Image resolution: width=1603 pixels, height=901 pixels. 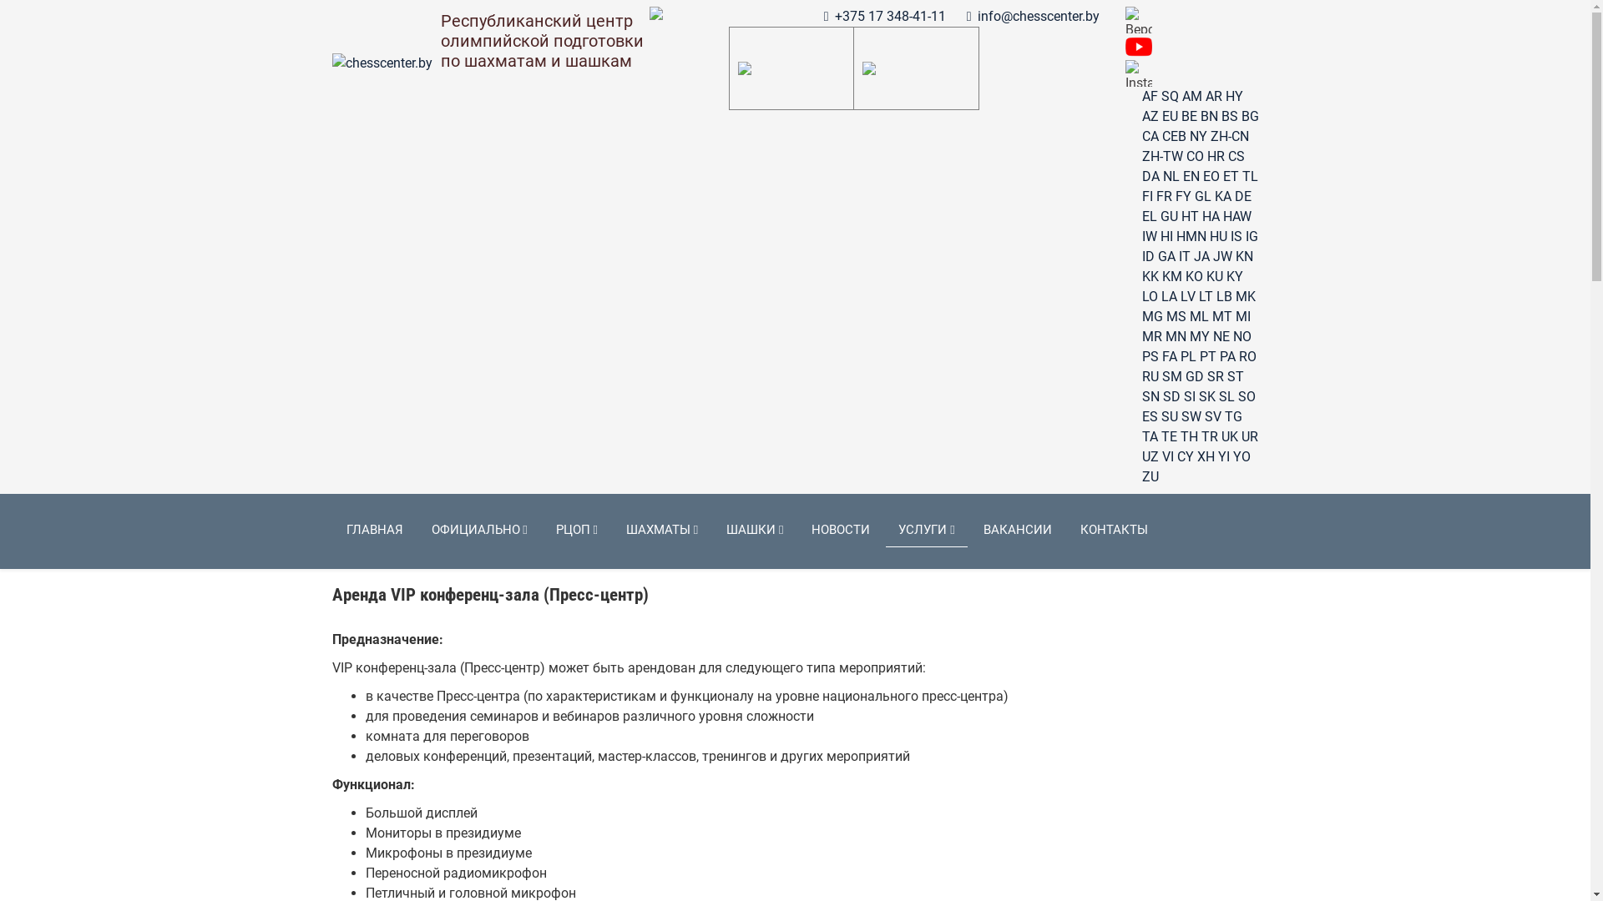 What do you see at coordinates (1141, 336) in the screenshot?
I see `'MR'` at bounding box center [1141, 336].